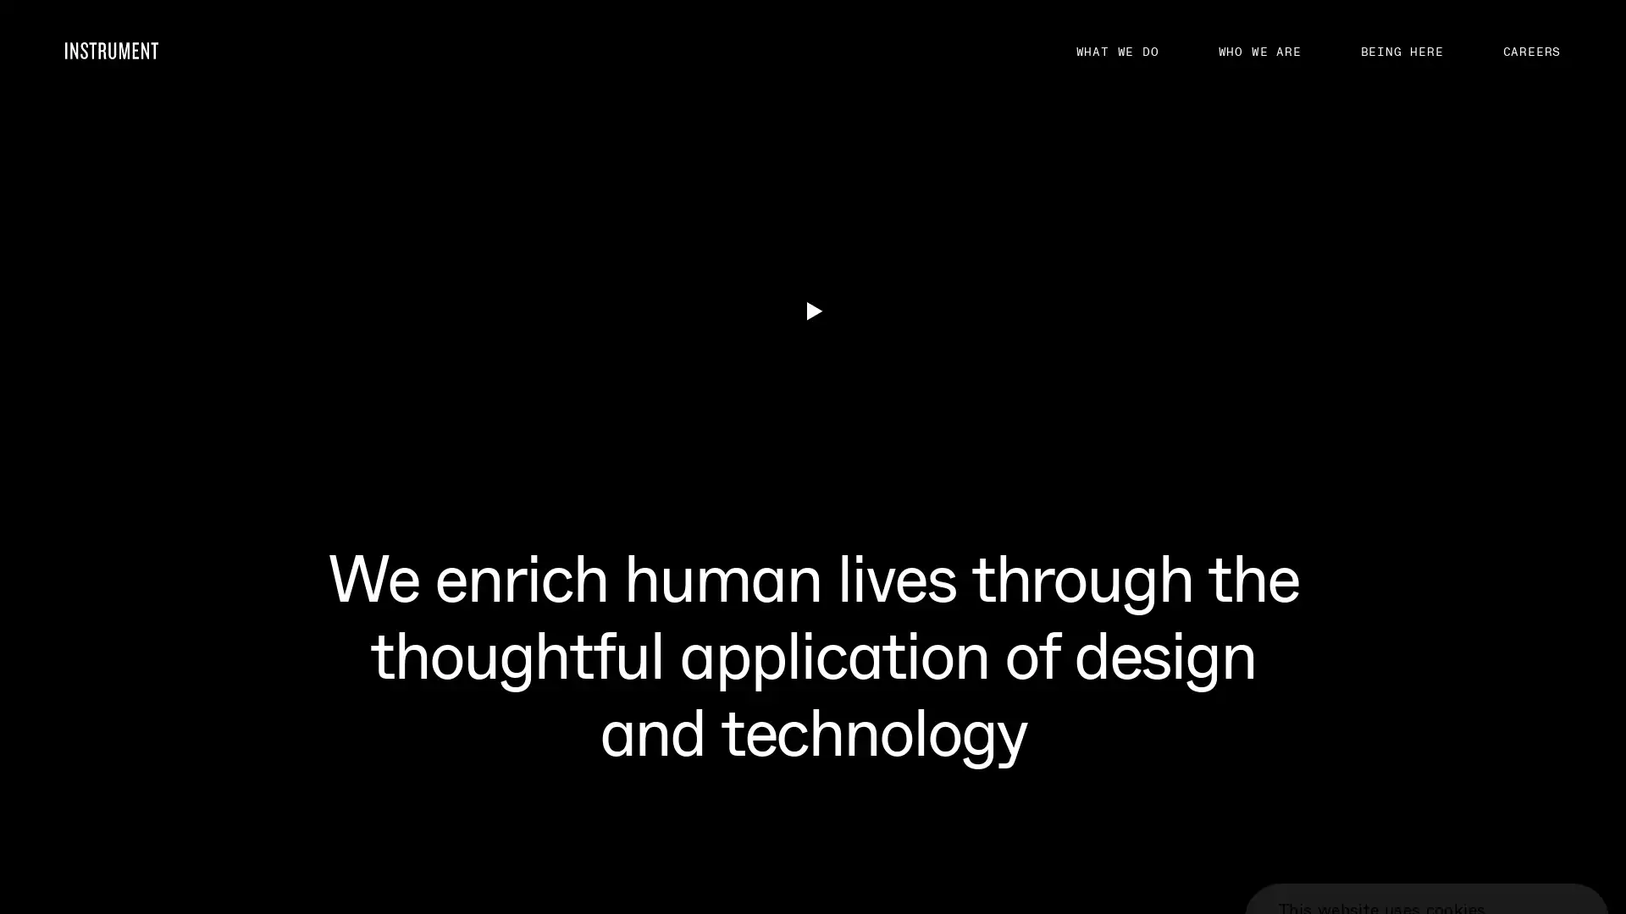  Describe the element at coordinates (811, 730) in the screenshot. I see `Play Video` at that location.